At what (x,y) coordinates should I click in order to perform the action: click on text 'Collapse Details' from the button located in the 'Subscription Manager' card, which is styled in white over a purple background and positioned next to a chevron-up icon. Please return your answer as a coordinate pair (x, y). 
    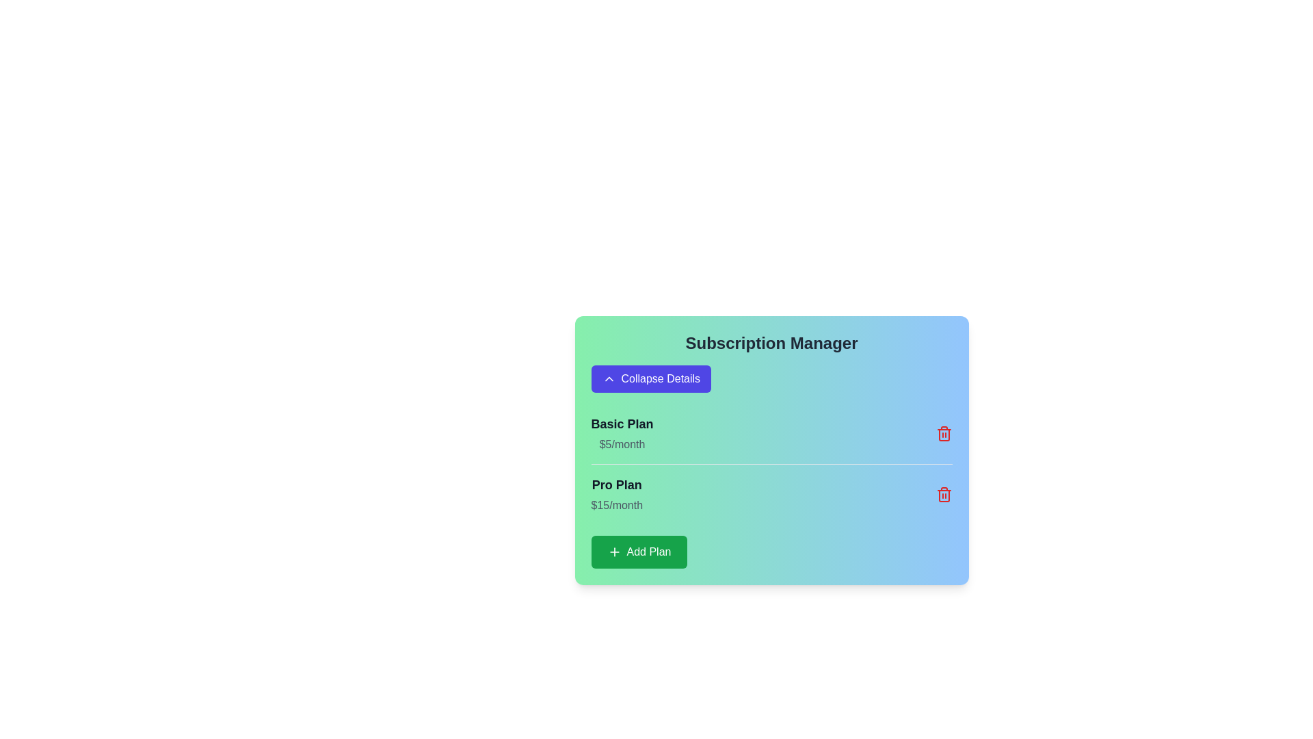
    Looking at the image, I should click on (661, 379).